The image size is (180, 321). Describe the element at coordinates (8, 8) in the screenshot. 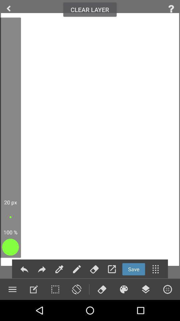

I see `ride` at that location.